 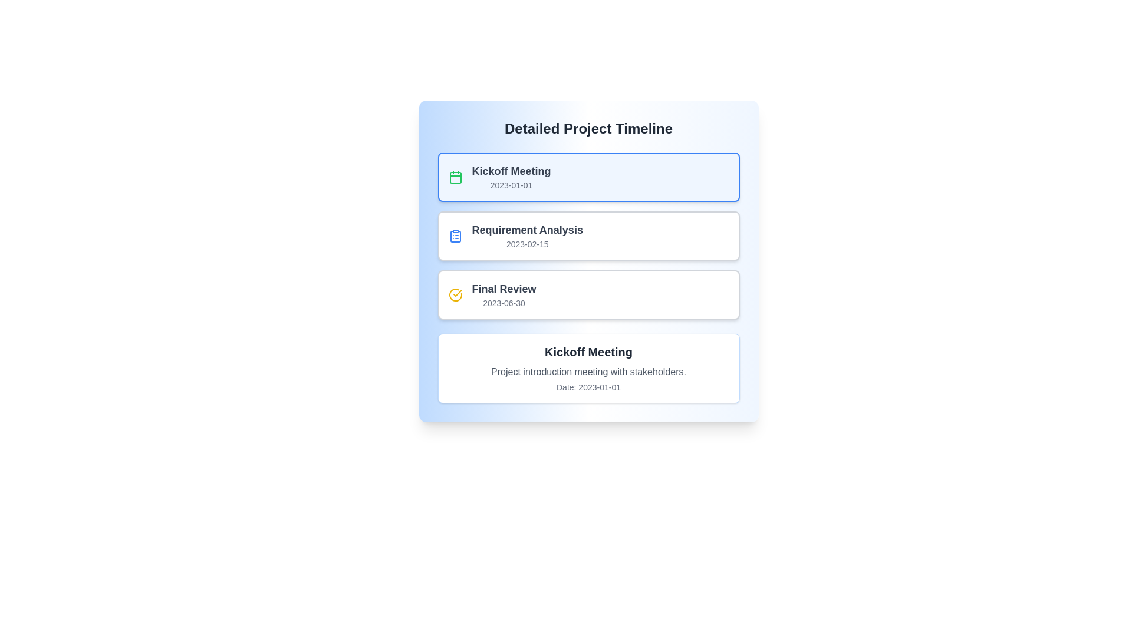 I want to click on the 'Requirement Analysis' card, which is the second card in the vertical list, so click(x=588, y=236).